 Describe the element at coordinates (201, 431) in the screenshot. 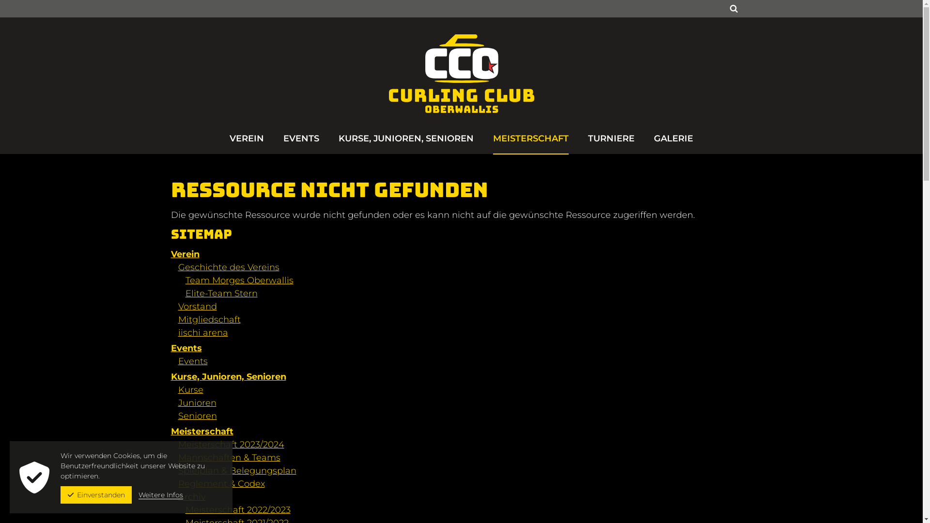

I see `'Meisterschaft'` at that location.